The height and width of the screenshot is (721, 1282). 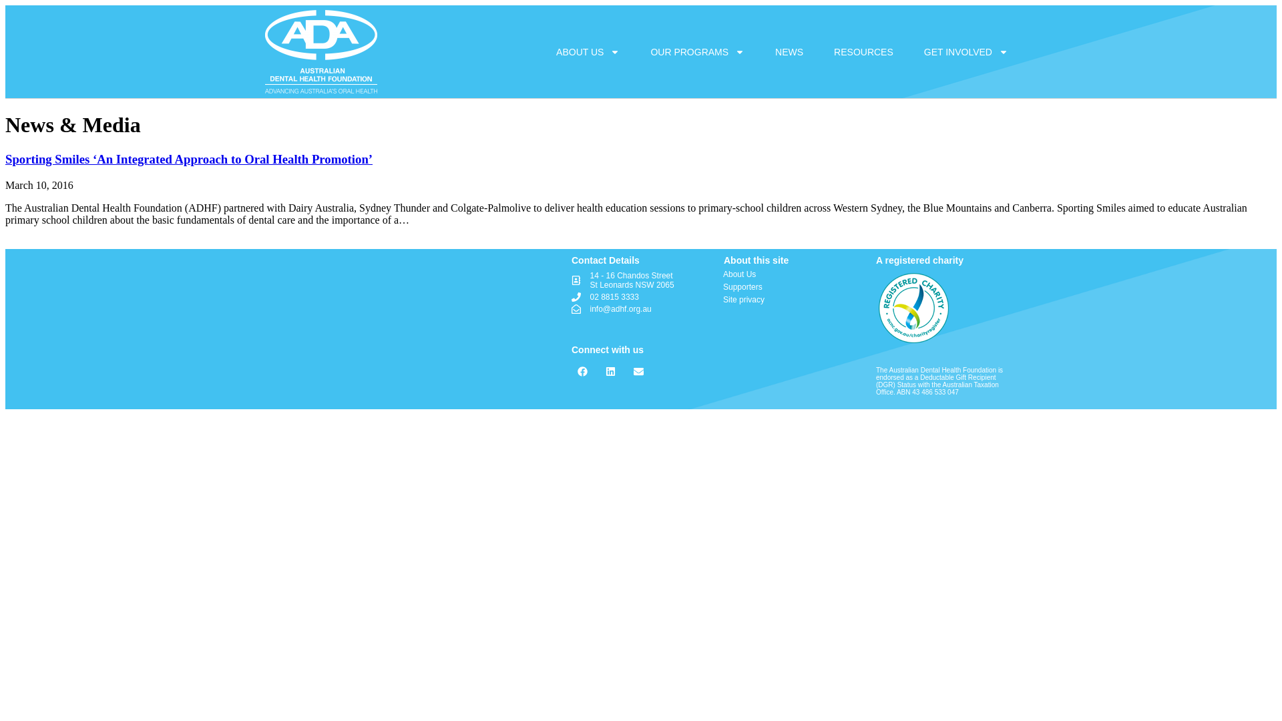 What do you see at coordinates (819, 51) in the screenshot?
I see `'RESOURCES'` at bounding box center [819, 51].